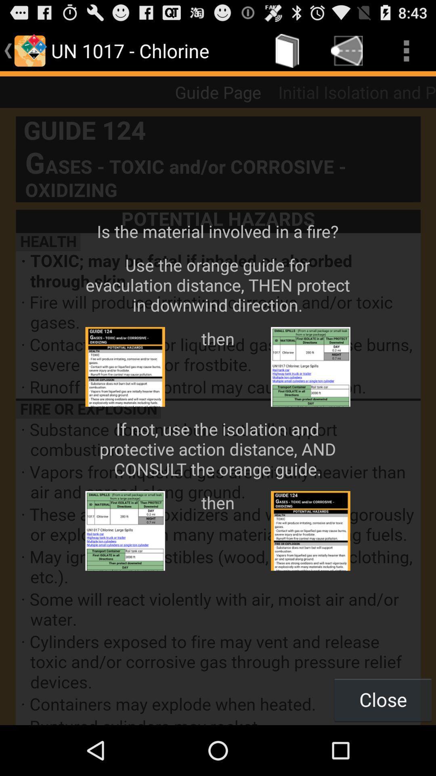 Image resolution: width=436 pixels, height=776 pixels. What do you see at coordinates (287, 50) in the screenshot?
I see `the icon to the right of the un 1017 - chlorine icon` at bounding box center [287, 50].